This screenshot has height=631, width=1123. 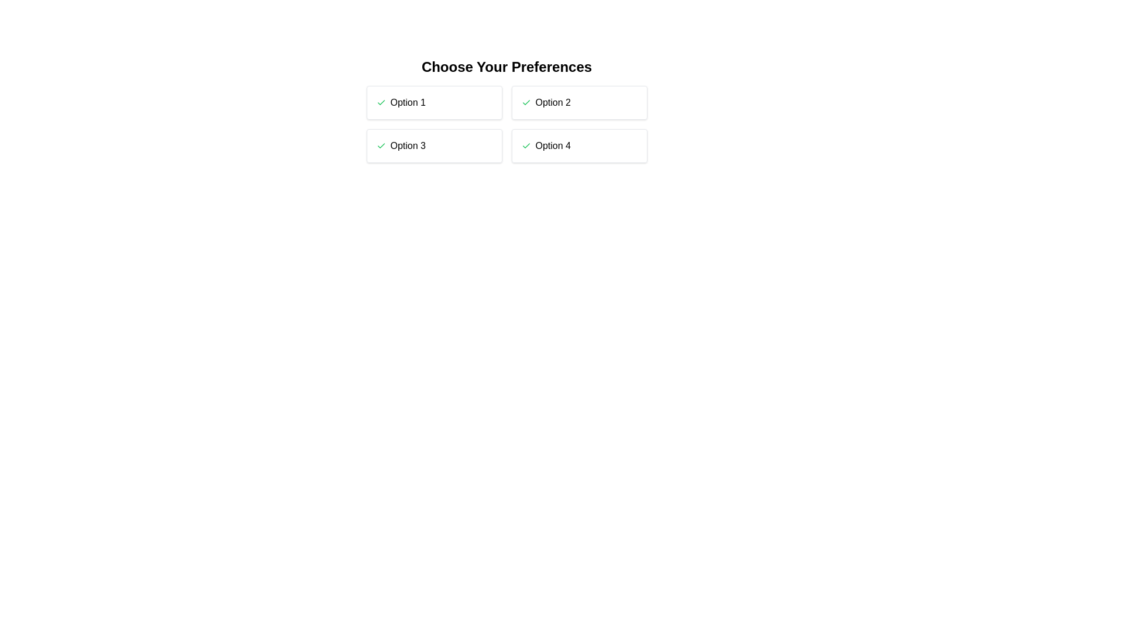 What do you see at coordinates (579, 145) in the screenshot?
I see `the option 4 to observe the hover effect` at bounding box center [579, 145].